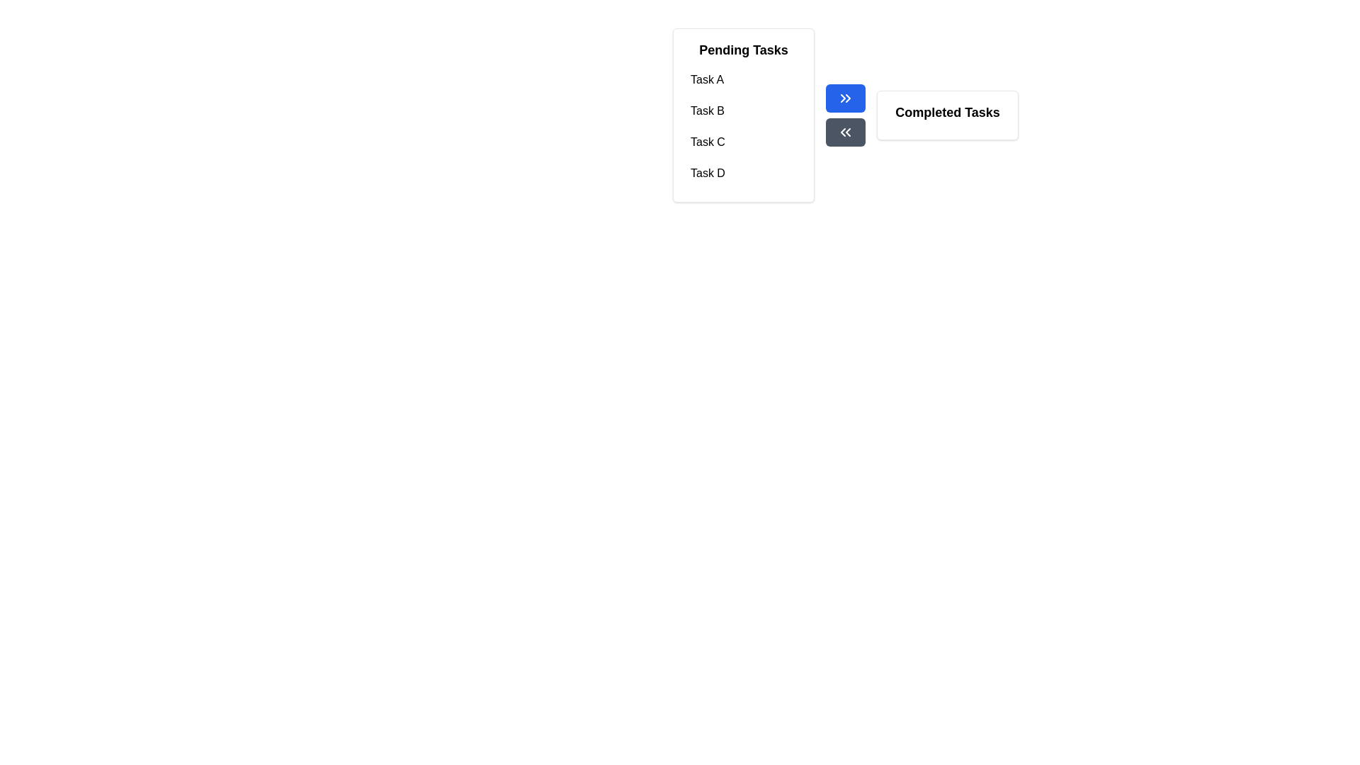 The height and width of the screenshot is (765, 1360). I want to click on the first list item labeled 'Task A' in the 'Pending Tasks' section, so click(743, 79).